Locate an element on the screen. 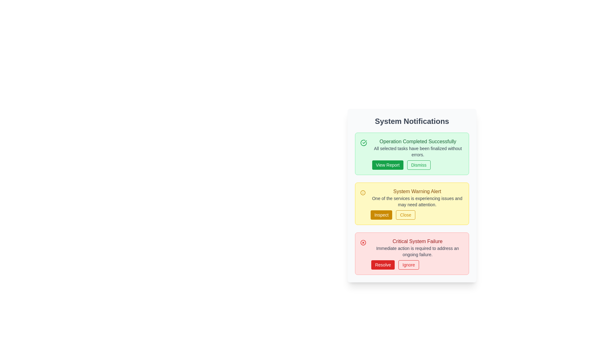  the text label providing detailed explanation about the associated warning alert, located below the 'System Warning Alert' heading and above the action buttons 'Inspect' and 'Close' is located at coordinates (417, 201).